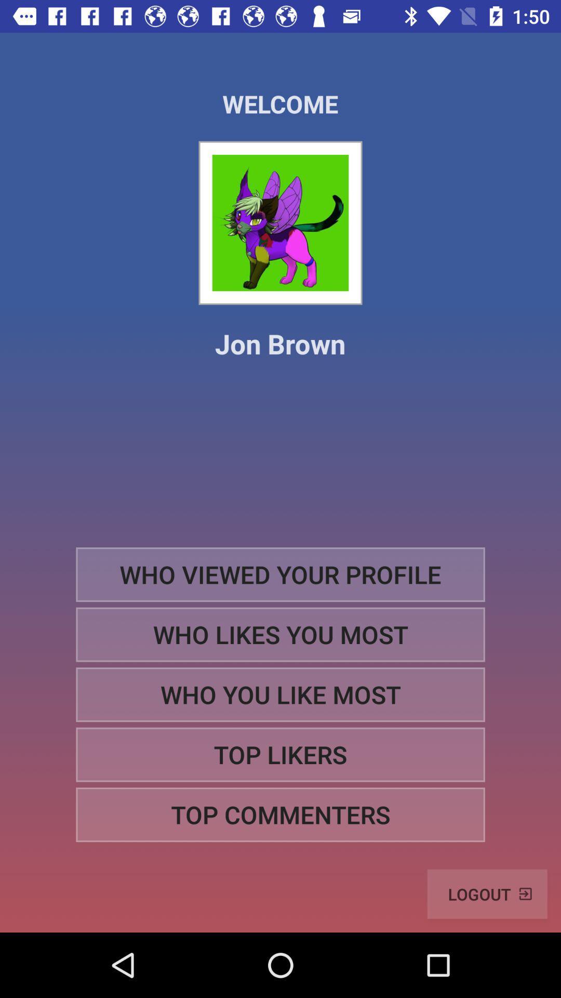 The width and height of the screenshot is (561, 998). I want to click on top likers, so click(280, 755).